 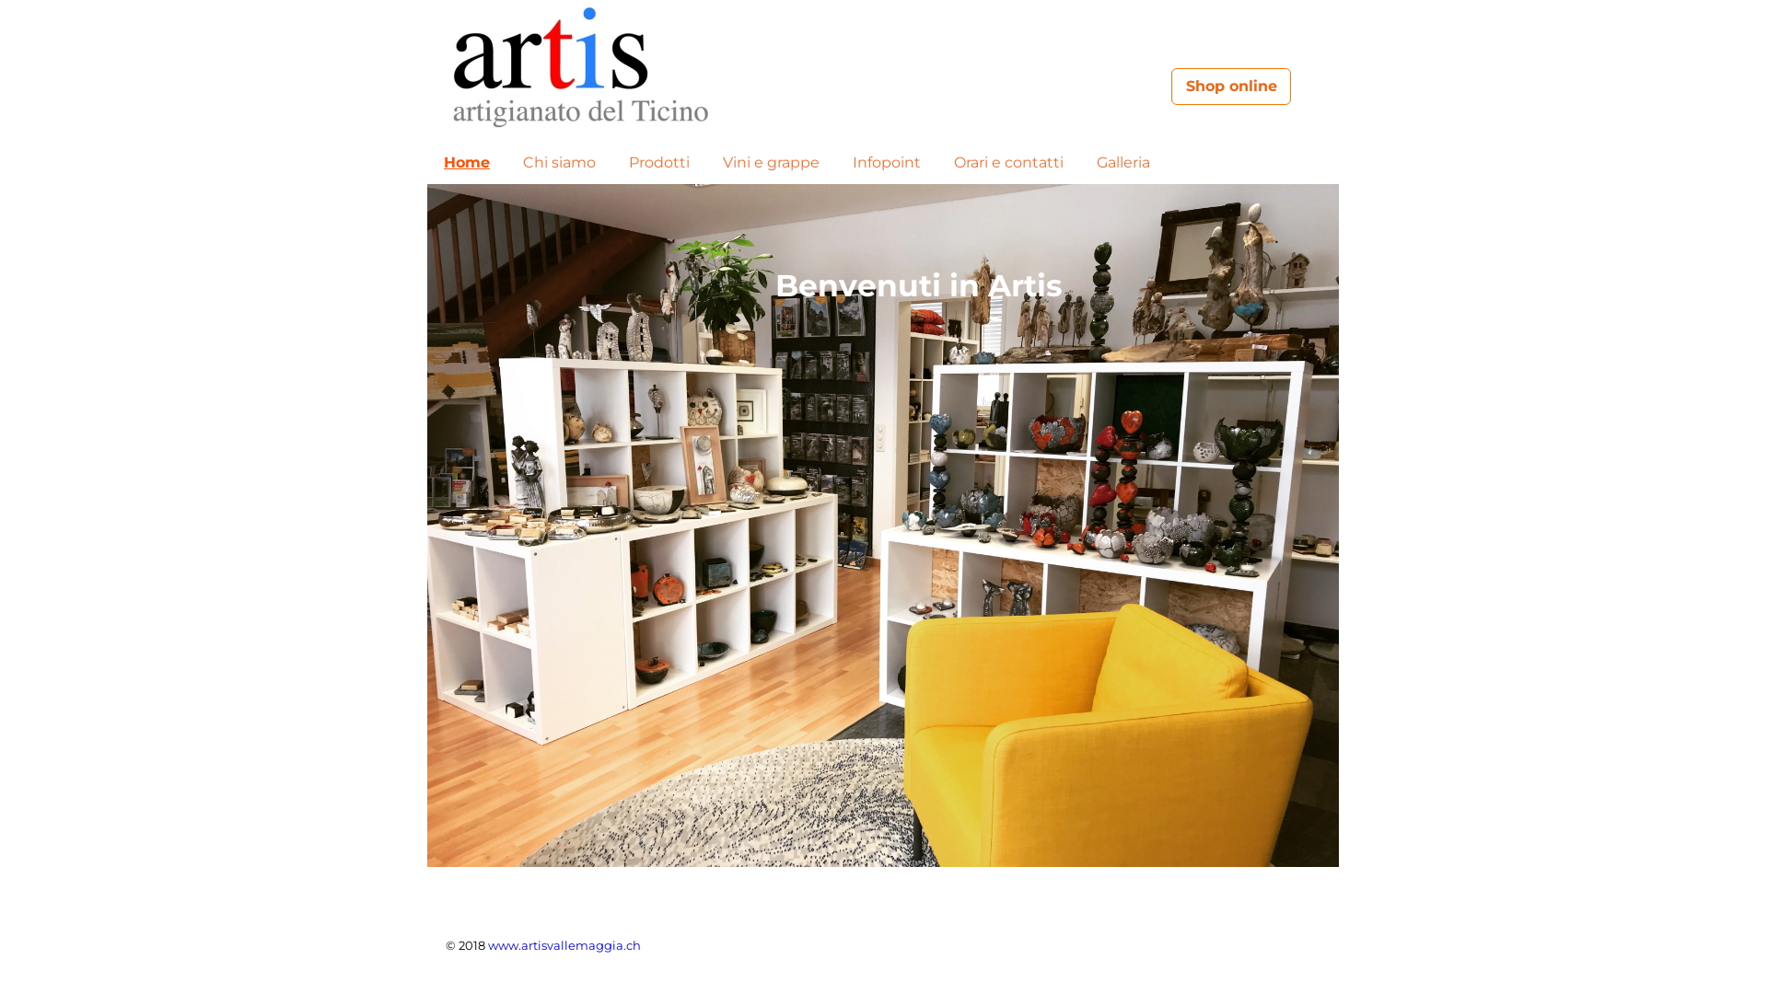 I want to click on 'Chi siamo', so click(x=514, y=162).